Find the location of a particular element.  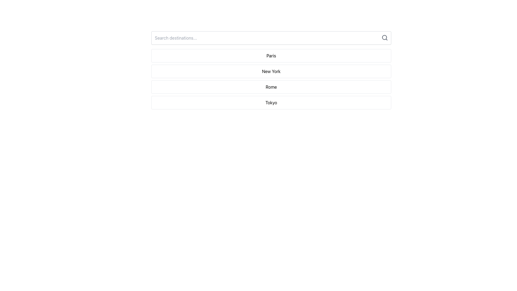

the placeholder text in the search input field located at the top of the vertically arranged section of elements, to replace it with a new query is located at coordinates (271, 38).